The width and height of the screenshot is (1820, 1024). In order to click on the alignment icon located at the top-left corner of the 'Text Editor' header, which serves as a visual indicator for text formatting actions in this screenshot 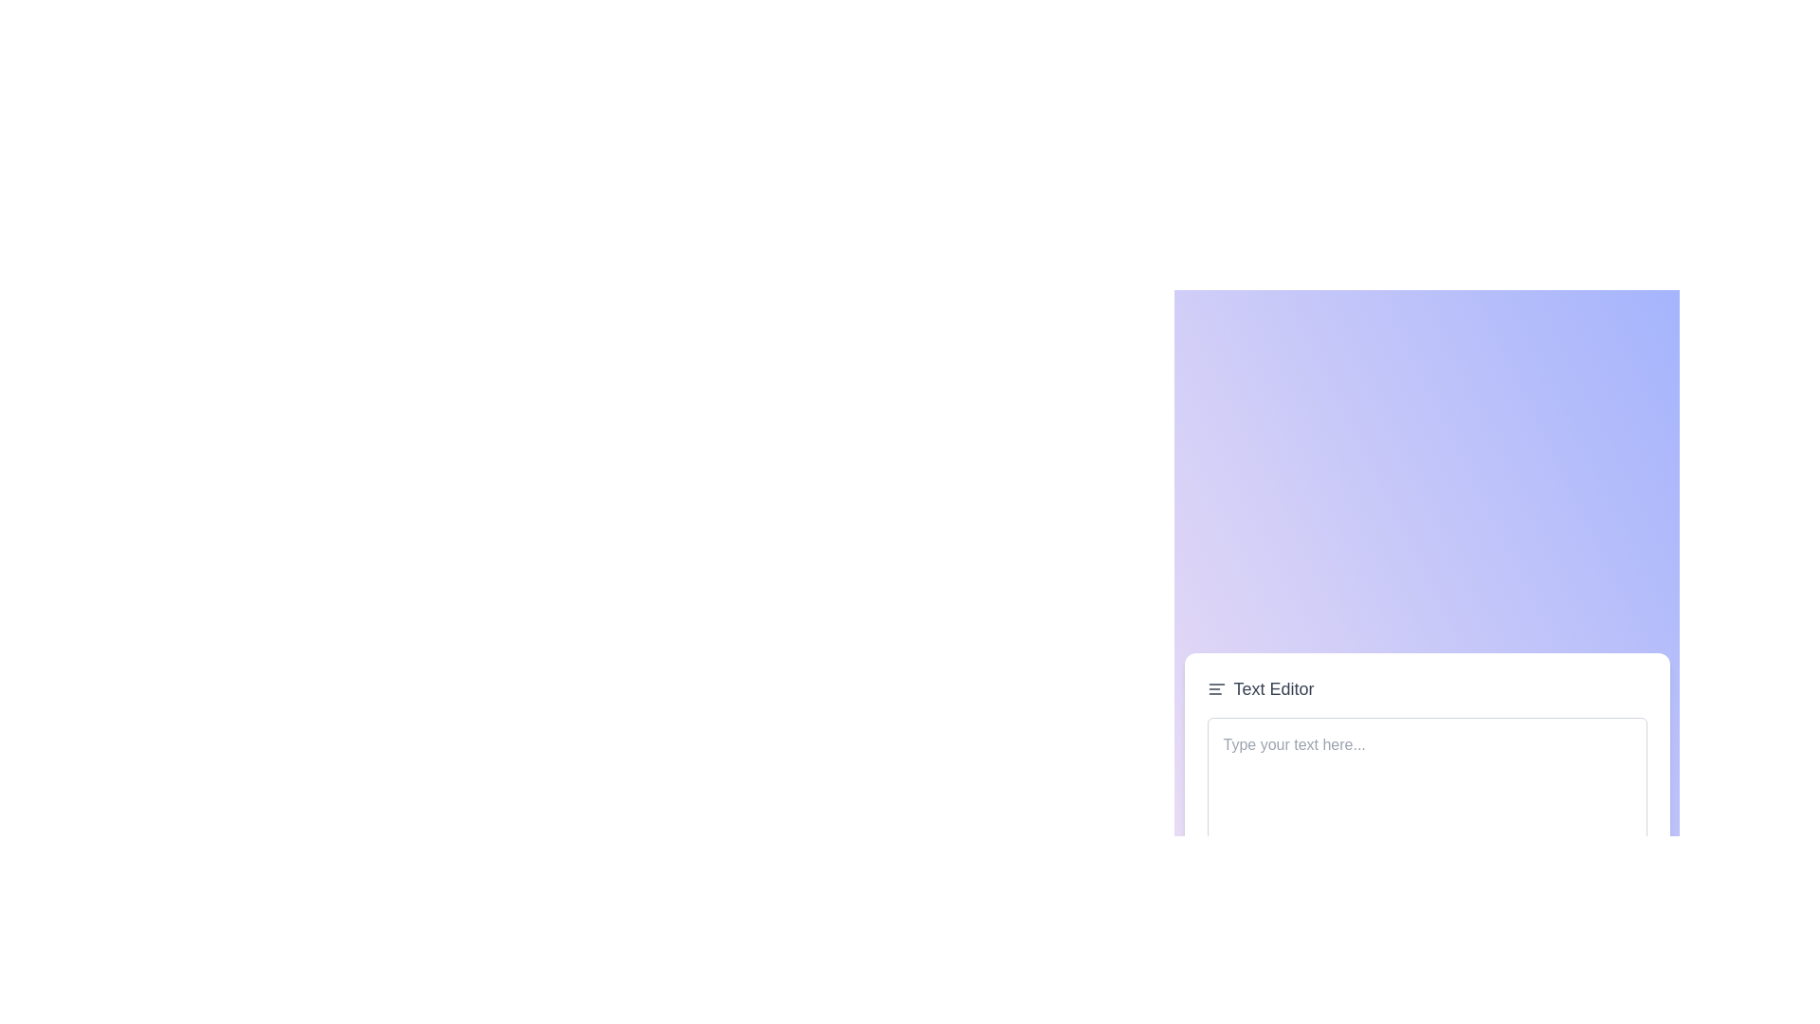, I will do `click(1216, 688)`.